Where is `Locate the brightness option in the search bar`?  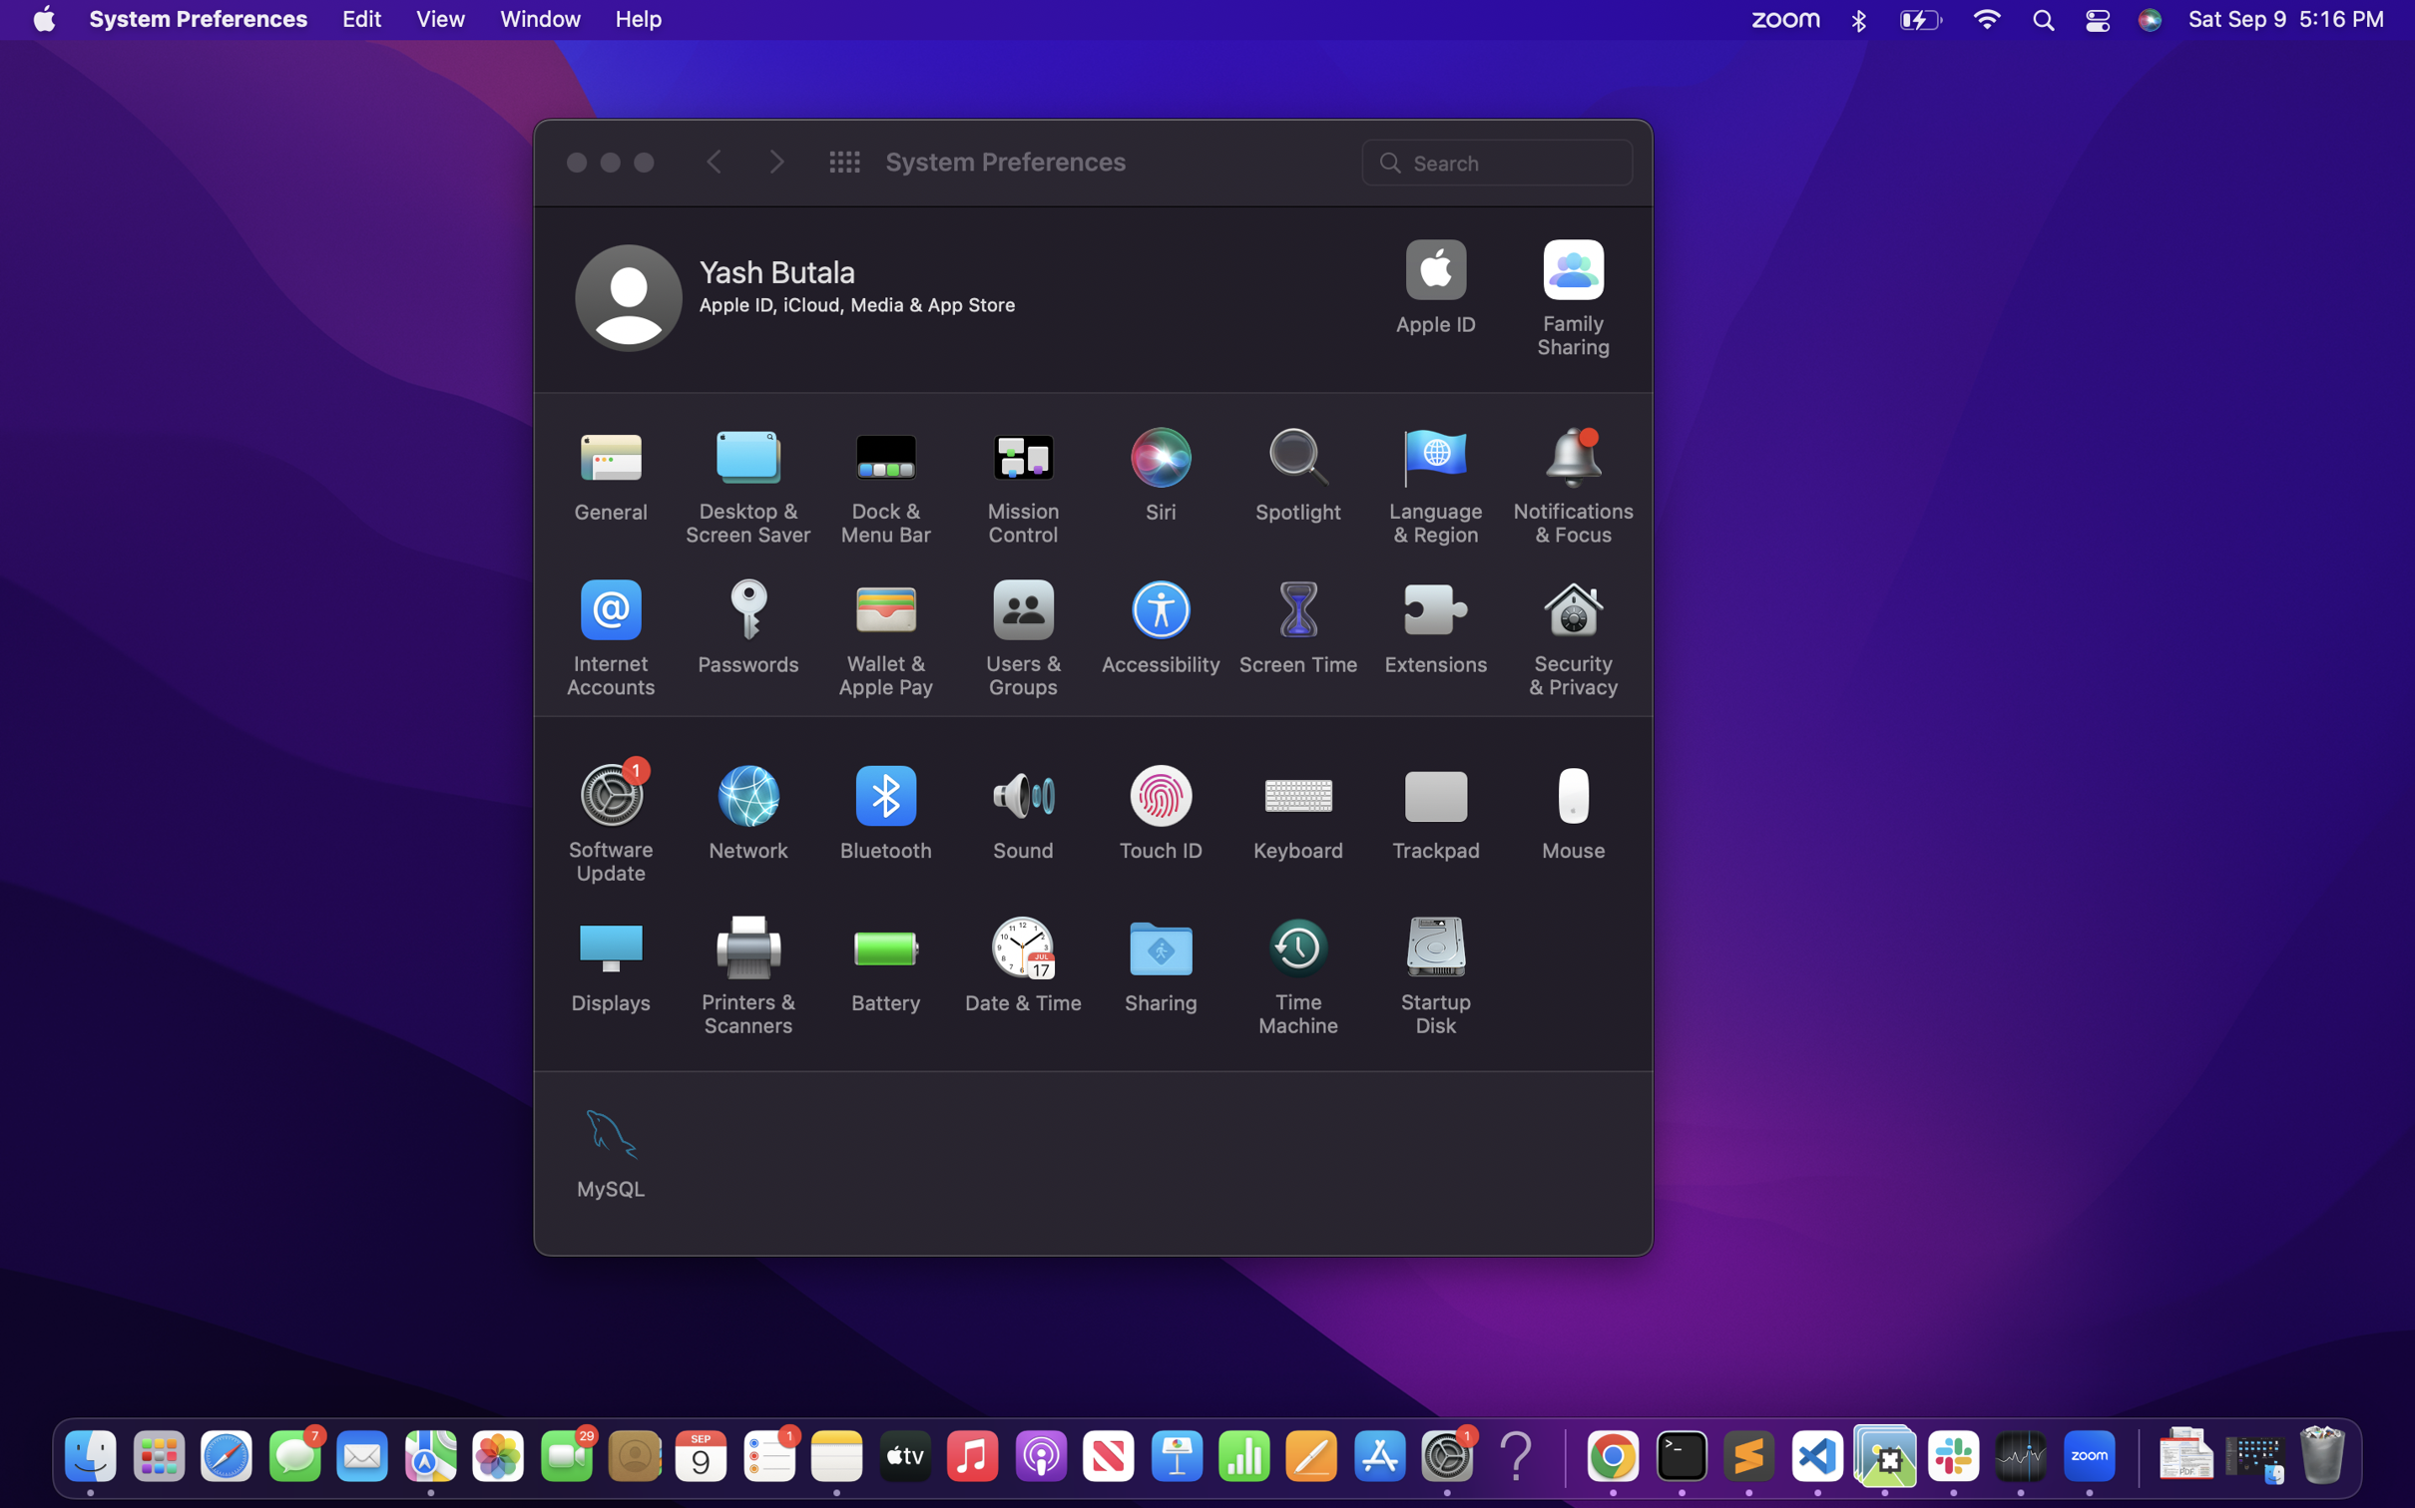 Locate the brightness option in the search bar is located at coordinates (1499, 160).